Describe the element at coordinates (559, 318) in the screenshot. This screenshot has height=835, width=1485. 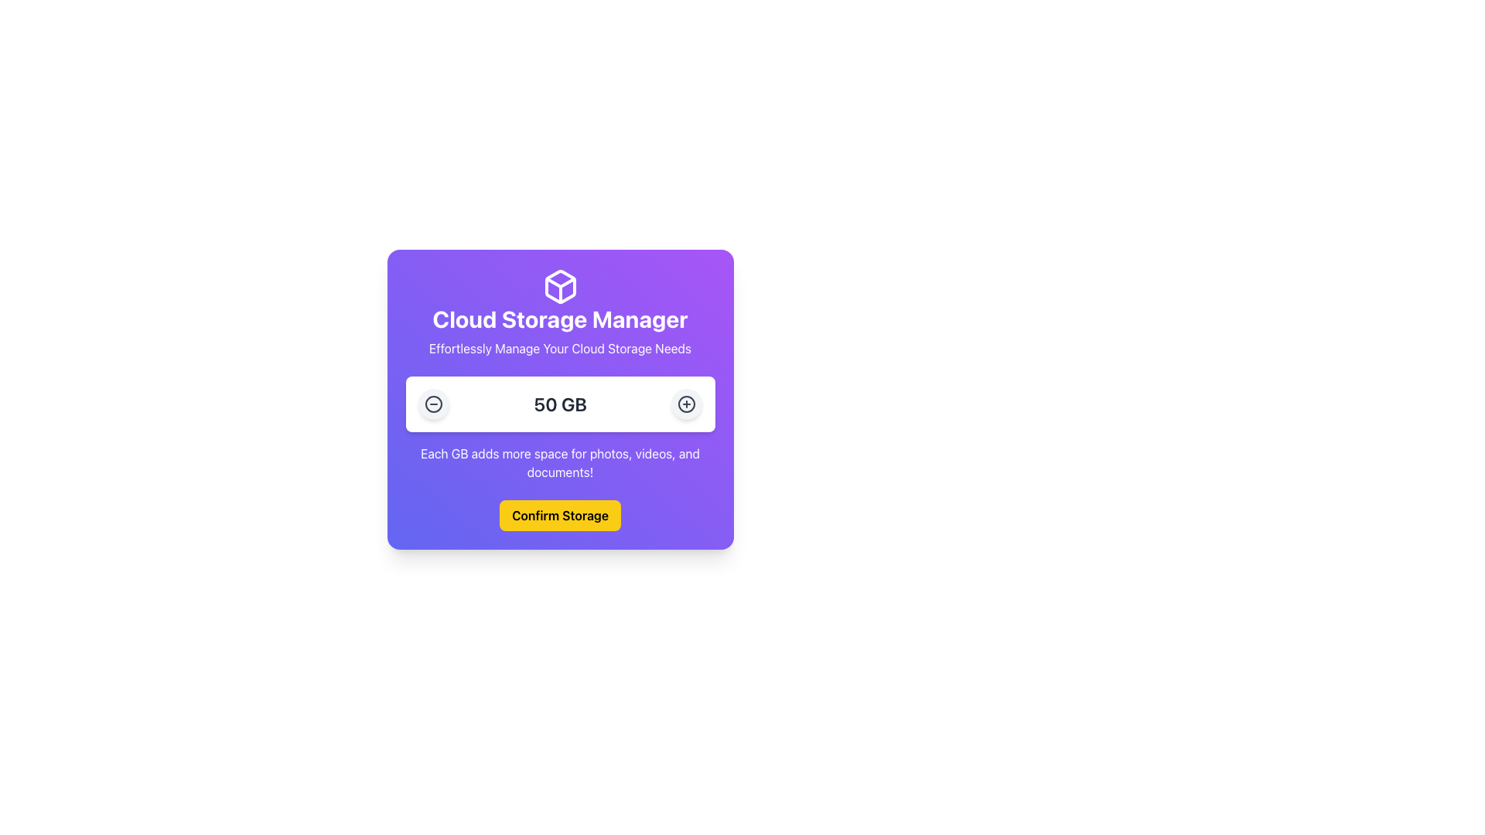
I see `the text element 'Cloud Storage Manager' which is styled prominently in a large, bold, white font and positioned directly below a graphic icon` at that location.